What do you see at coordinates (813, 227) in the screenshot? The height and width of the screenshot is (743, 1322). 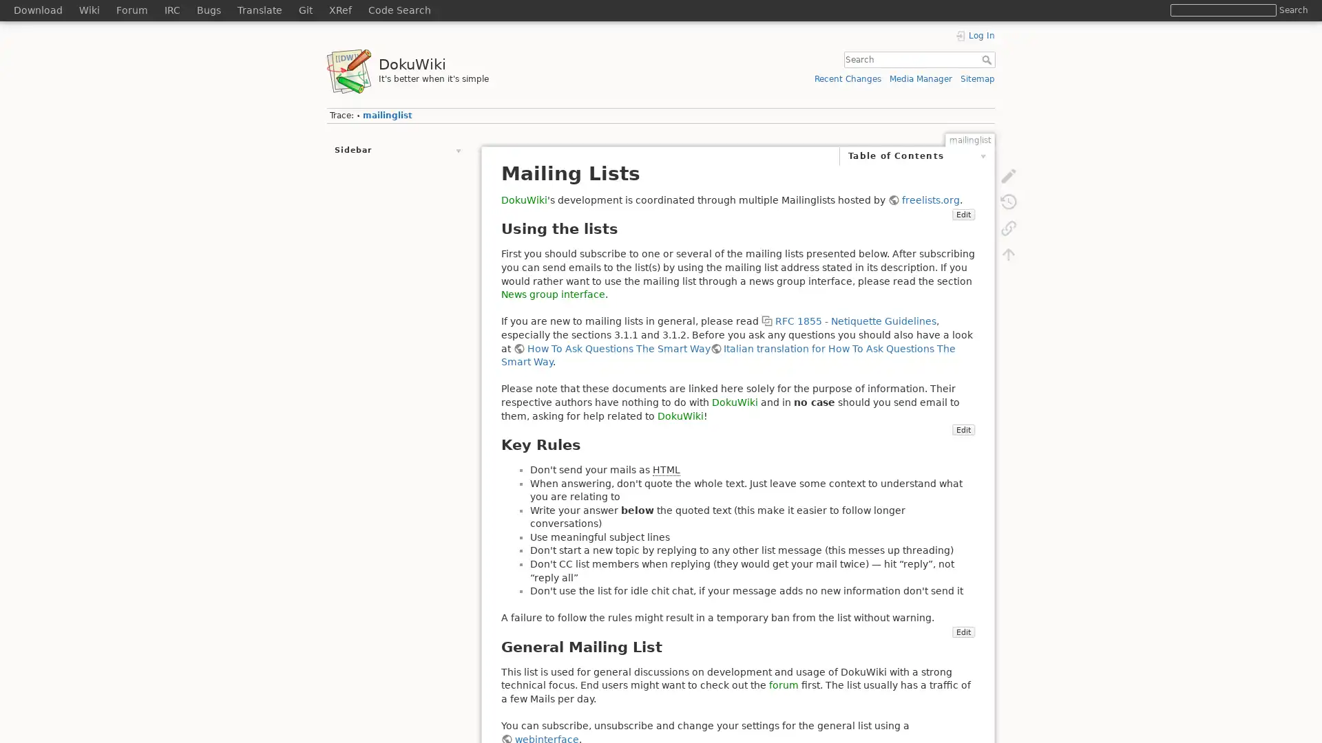 I see `Edit` at bounding box center [813, 227].